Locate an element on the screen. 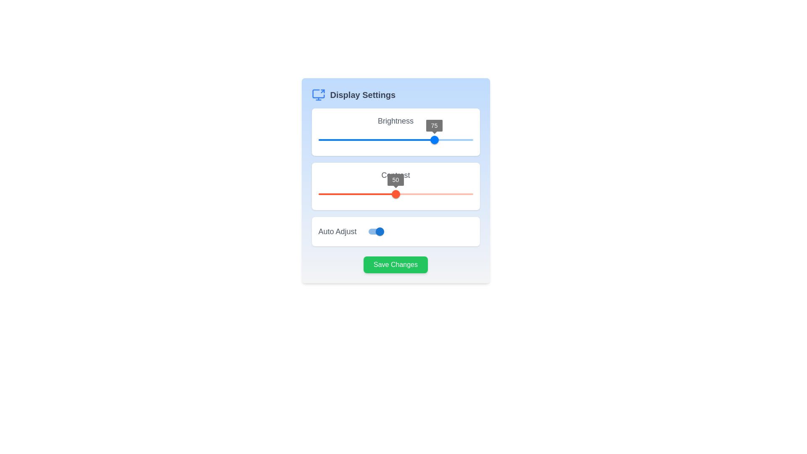  contrast is located at coordinates (412, 194).